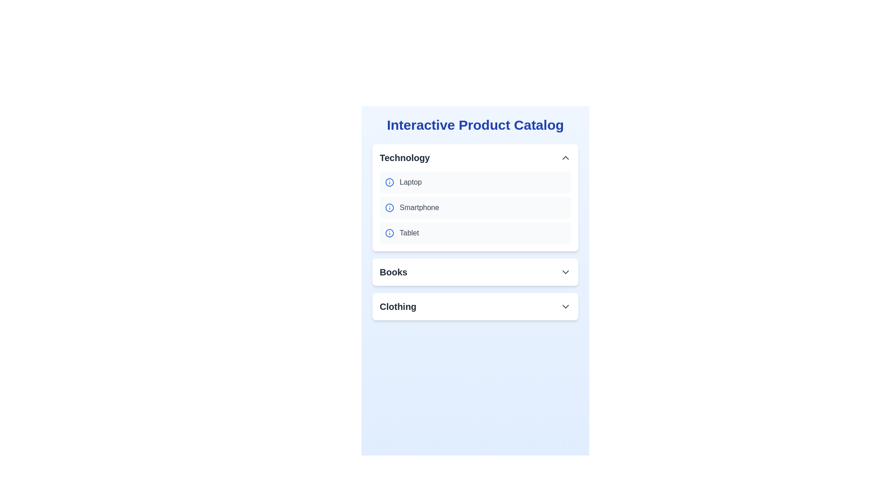 The image size is (871, 490). I want to click on the circular information icon located, so click(390, 182).